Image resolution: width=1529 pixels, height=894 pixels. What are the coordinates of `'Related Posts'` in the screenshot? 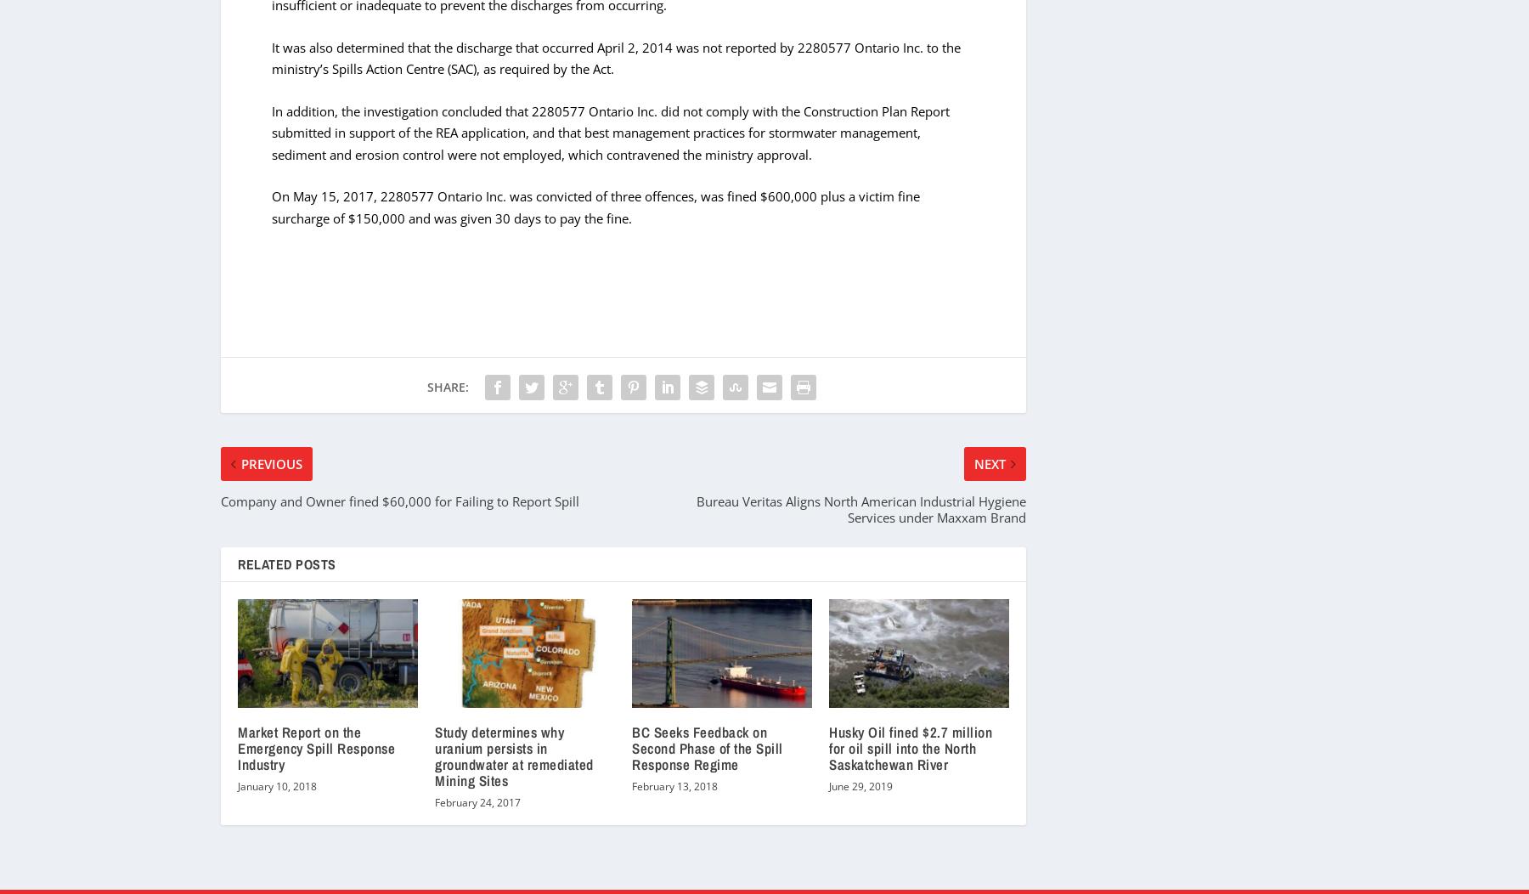 It's located at (285, 562).